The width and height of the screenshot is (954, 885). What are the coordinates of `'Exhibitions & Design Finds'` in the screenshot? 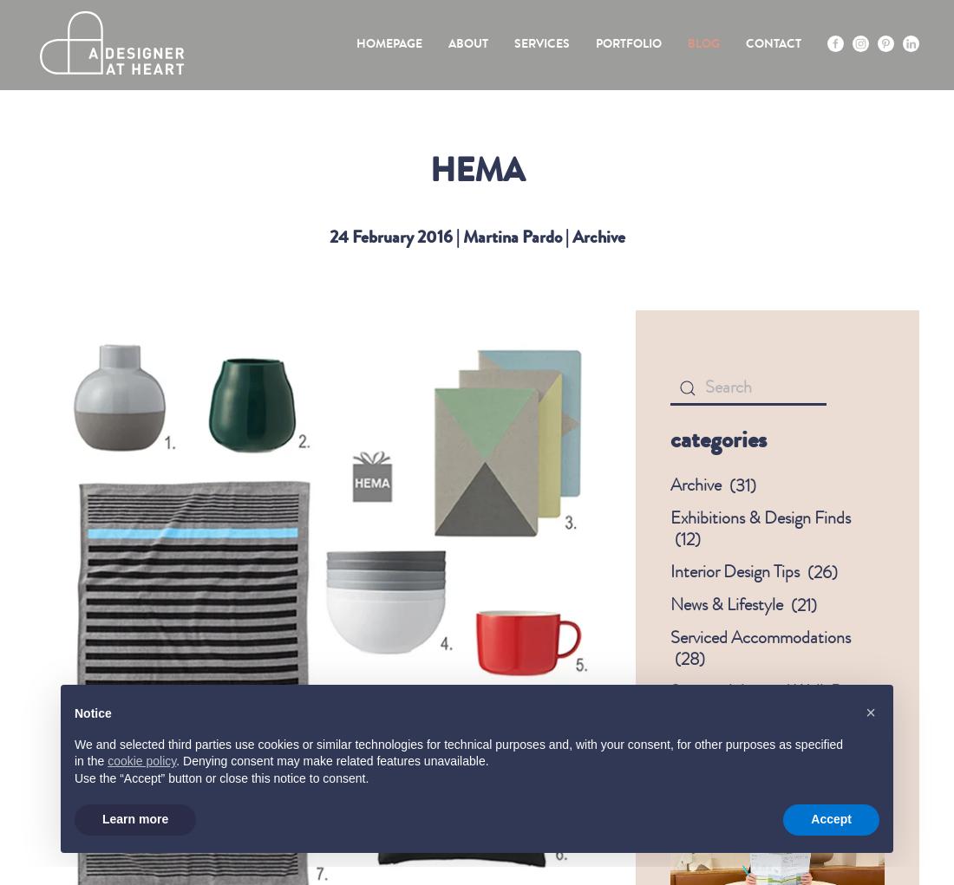 It's located at (760, 516).